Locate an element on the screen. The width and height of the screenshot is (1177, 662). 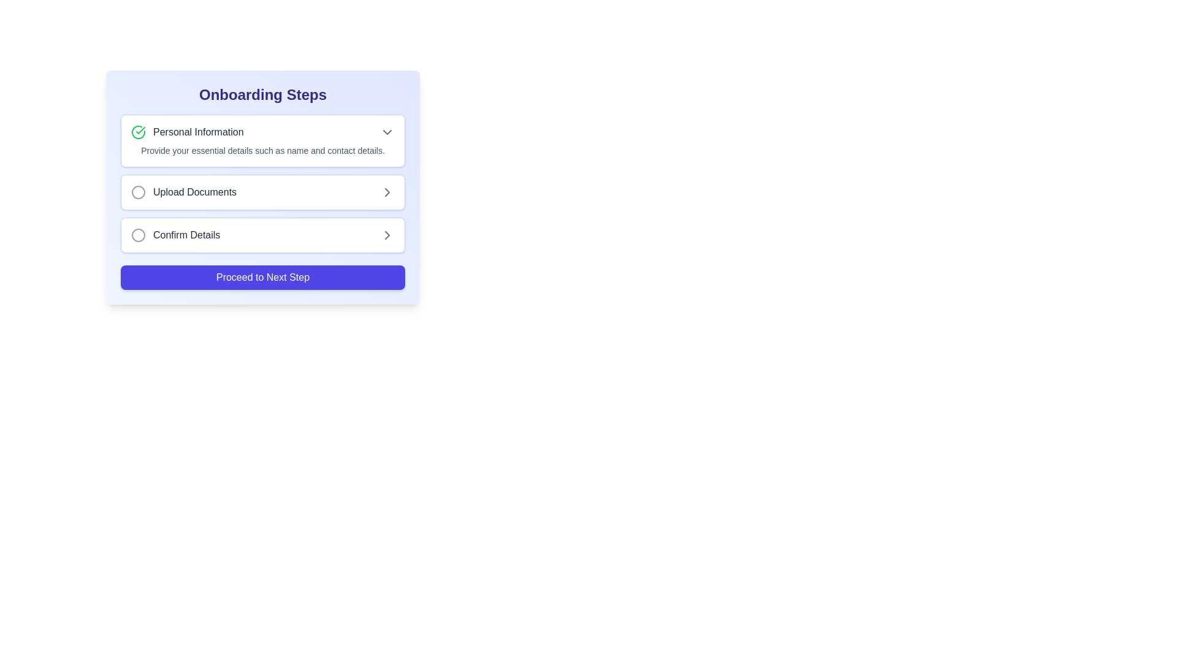
the static text label serving as the header for the 'Personal Information' section in the onboarding interface is located at coordinates (198, 132).